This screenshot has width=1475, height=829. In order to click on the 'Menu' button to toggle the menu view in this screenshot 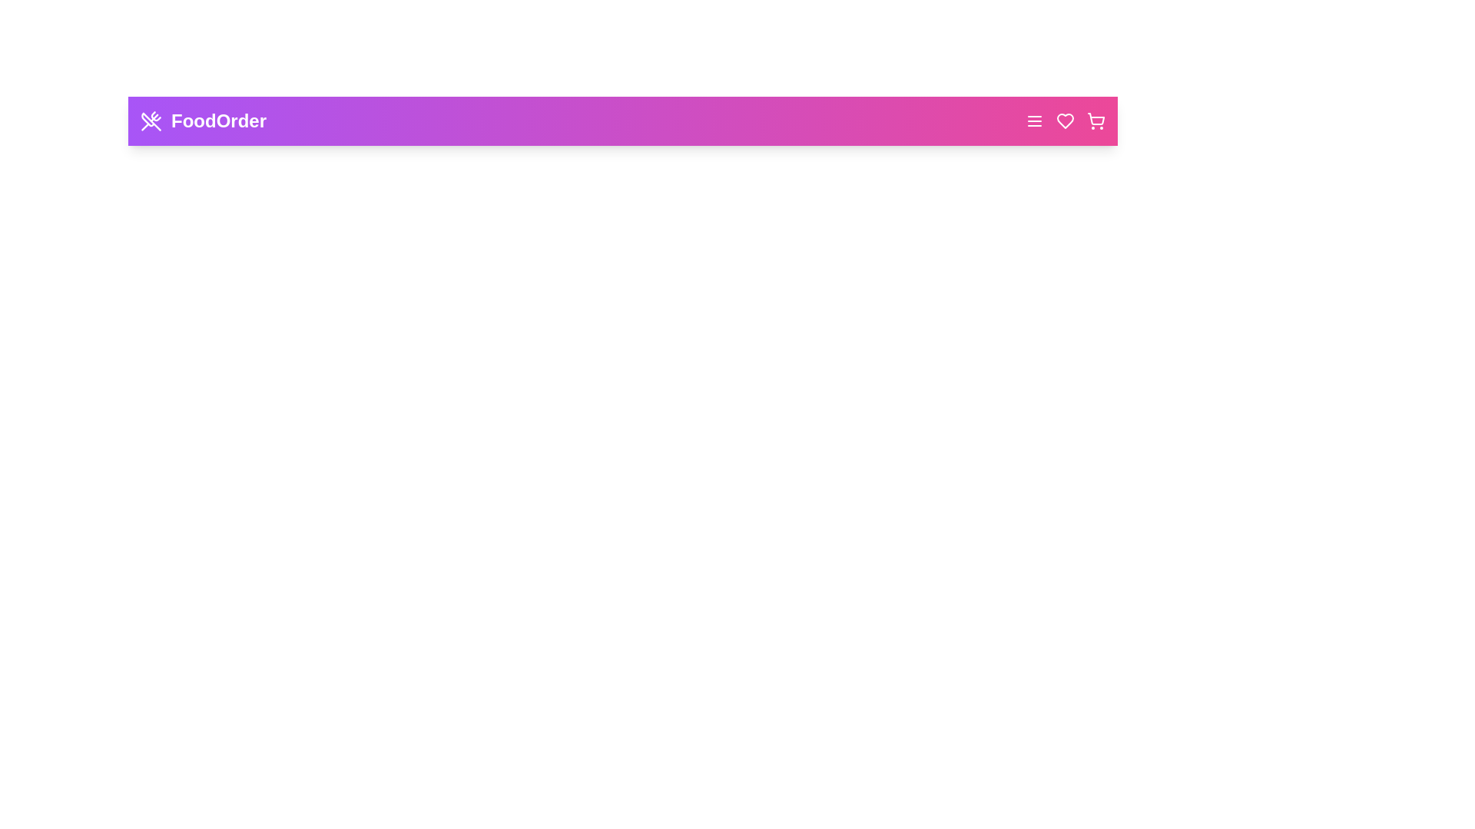, I will do `click(1035, 121)`.